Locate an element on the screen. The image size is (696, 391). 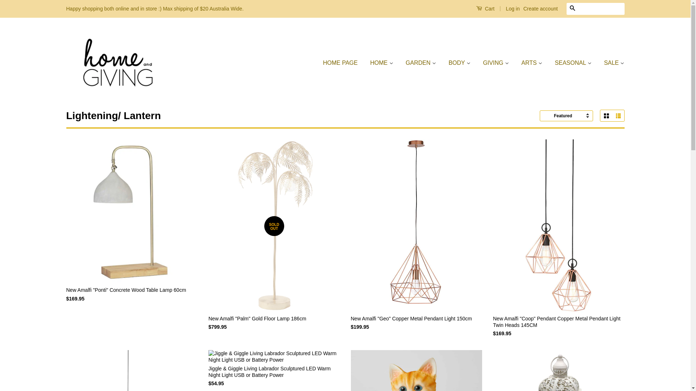
'Grid View' is located at coordinates (600, 115).